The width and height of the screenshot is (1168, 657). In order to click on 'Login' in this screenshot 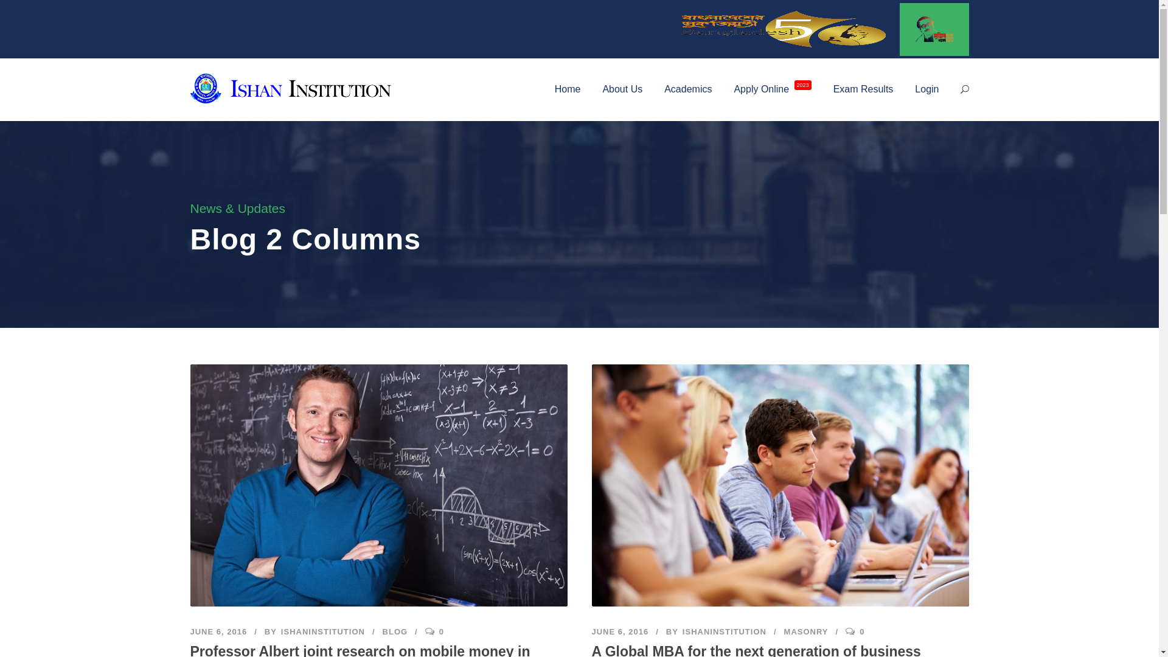, I will do `click(926, 99)`.